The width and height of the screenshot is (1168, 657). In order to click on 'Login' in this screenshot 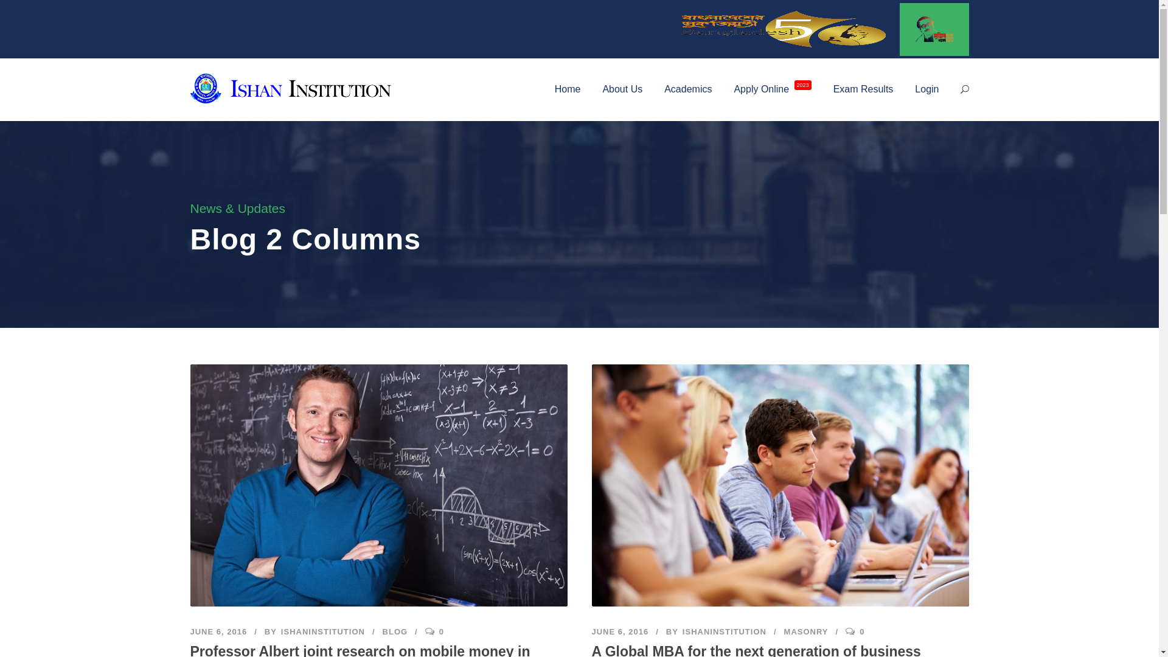, I will do `click(926, 99)`.